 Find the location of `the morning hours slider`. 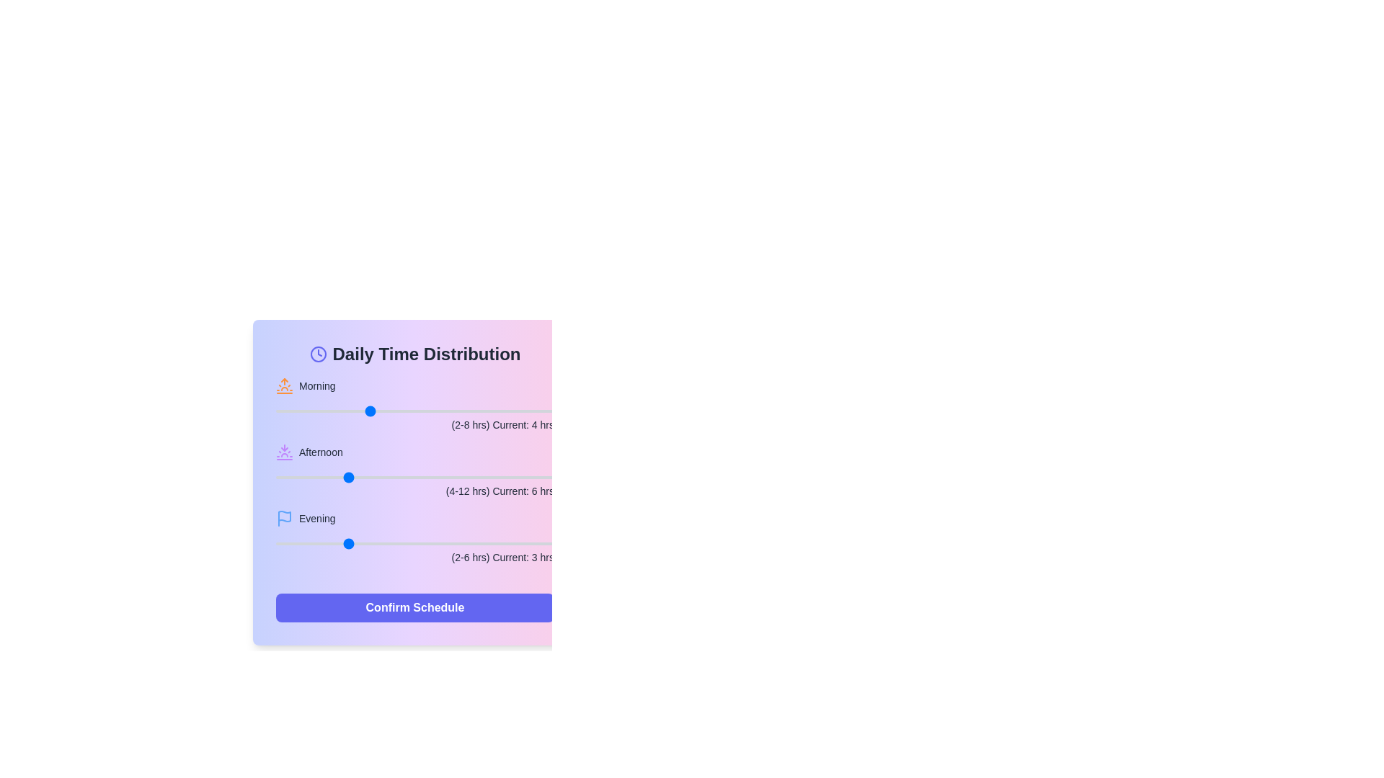

the morning hours slider is located at coordinates (321, 411).